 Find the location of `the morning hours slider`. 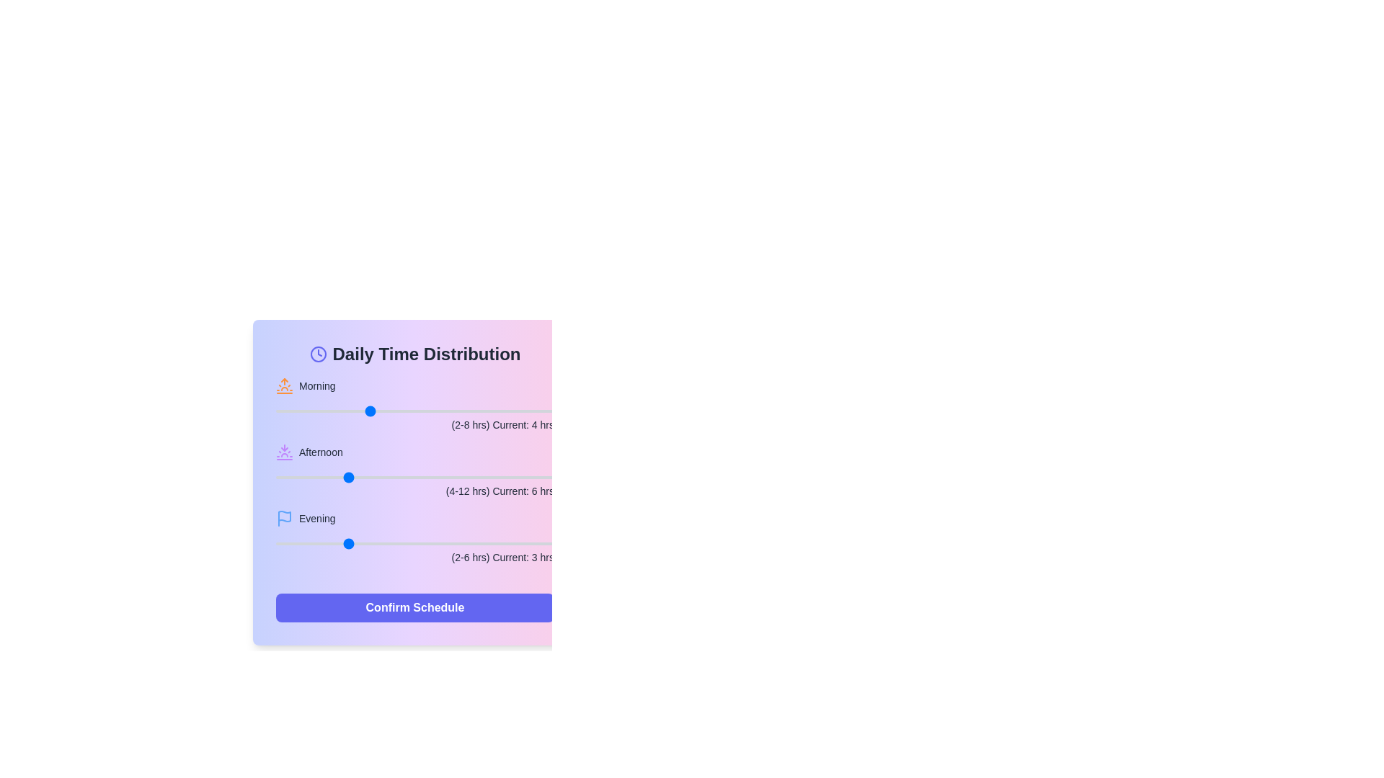

the morning hours slider is located at coordinates (321, 411).